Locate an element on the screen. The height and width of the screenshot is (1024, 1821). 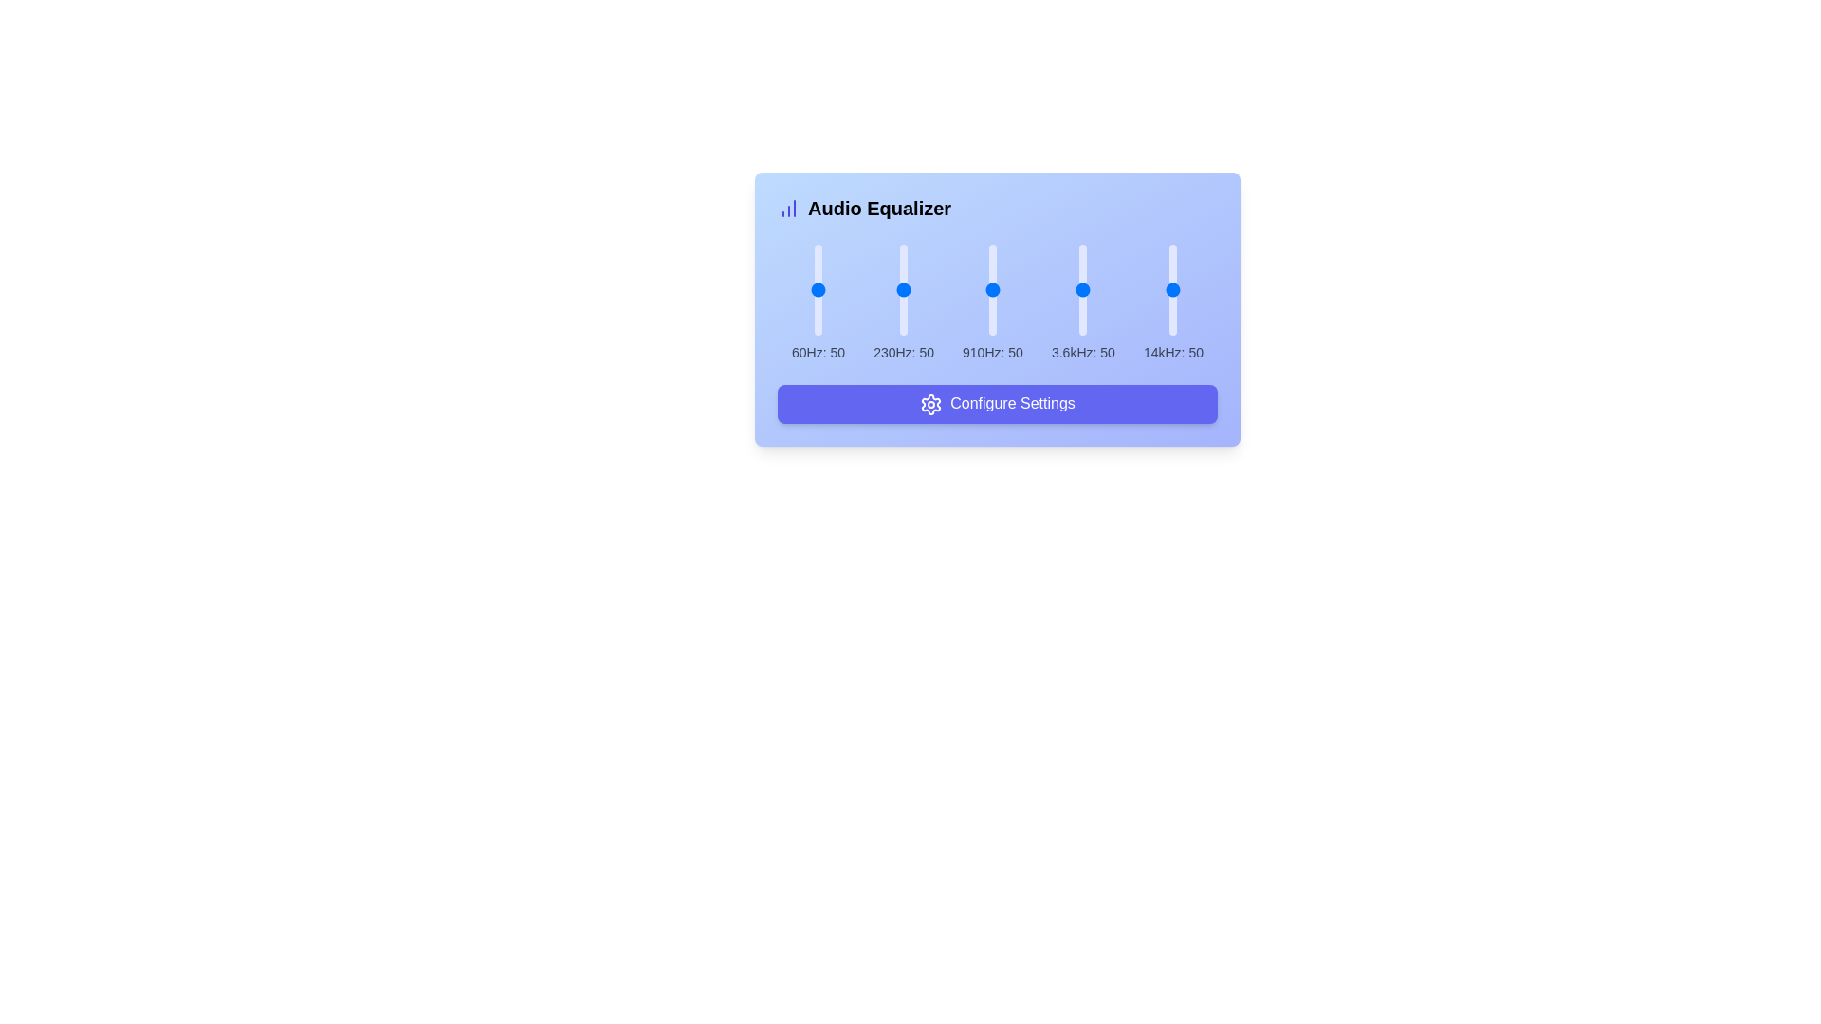
the 910Hz slider is located at coordinates (991, 300).